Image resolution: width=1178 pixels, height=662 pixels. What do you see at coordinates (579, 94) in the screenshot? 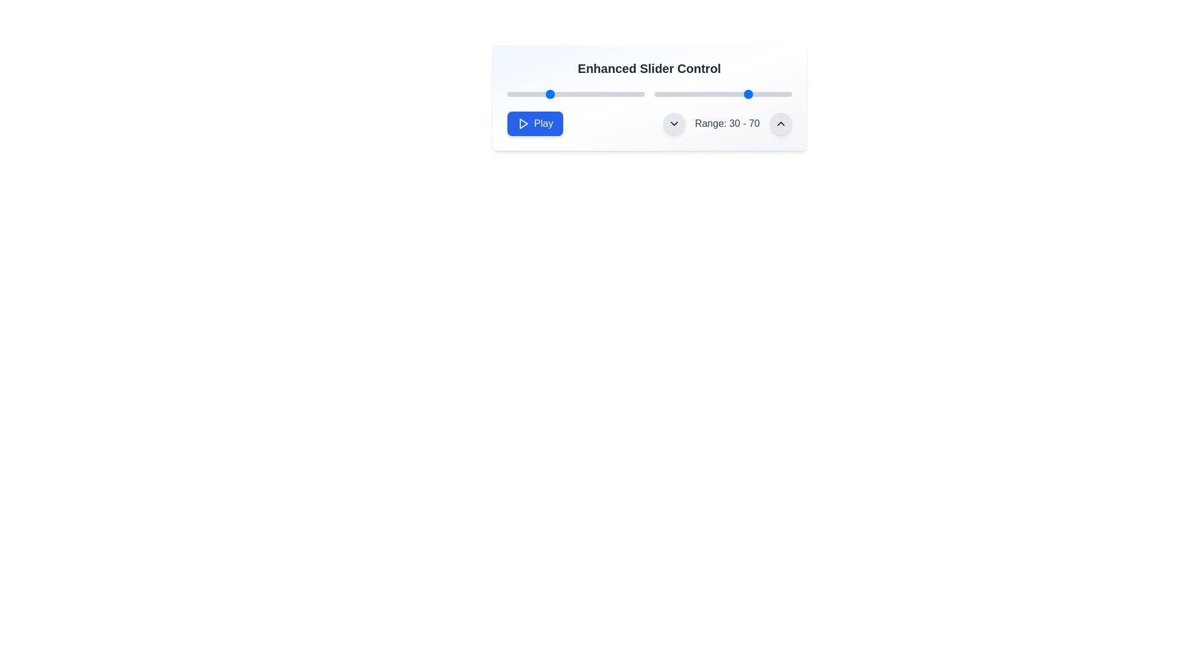
I see `the slider` at bounding box center [579, 94].